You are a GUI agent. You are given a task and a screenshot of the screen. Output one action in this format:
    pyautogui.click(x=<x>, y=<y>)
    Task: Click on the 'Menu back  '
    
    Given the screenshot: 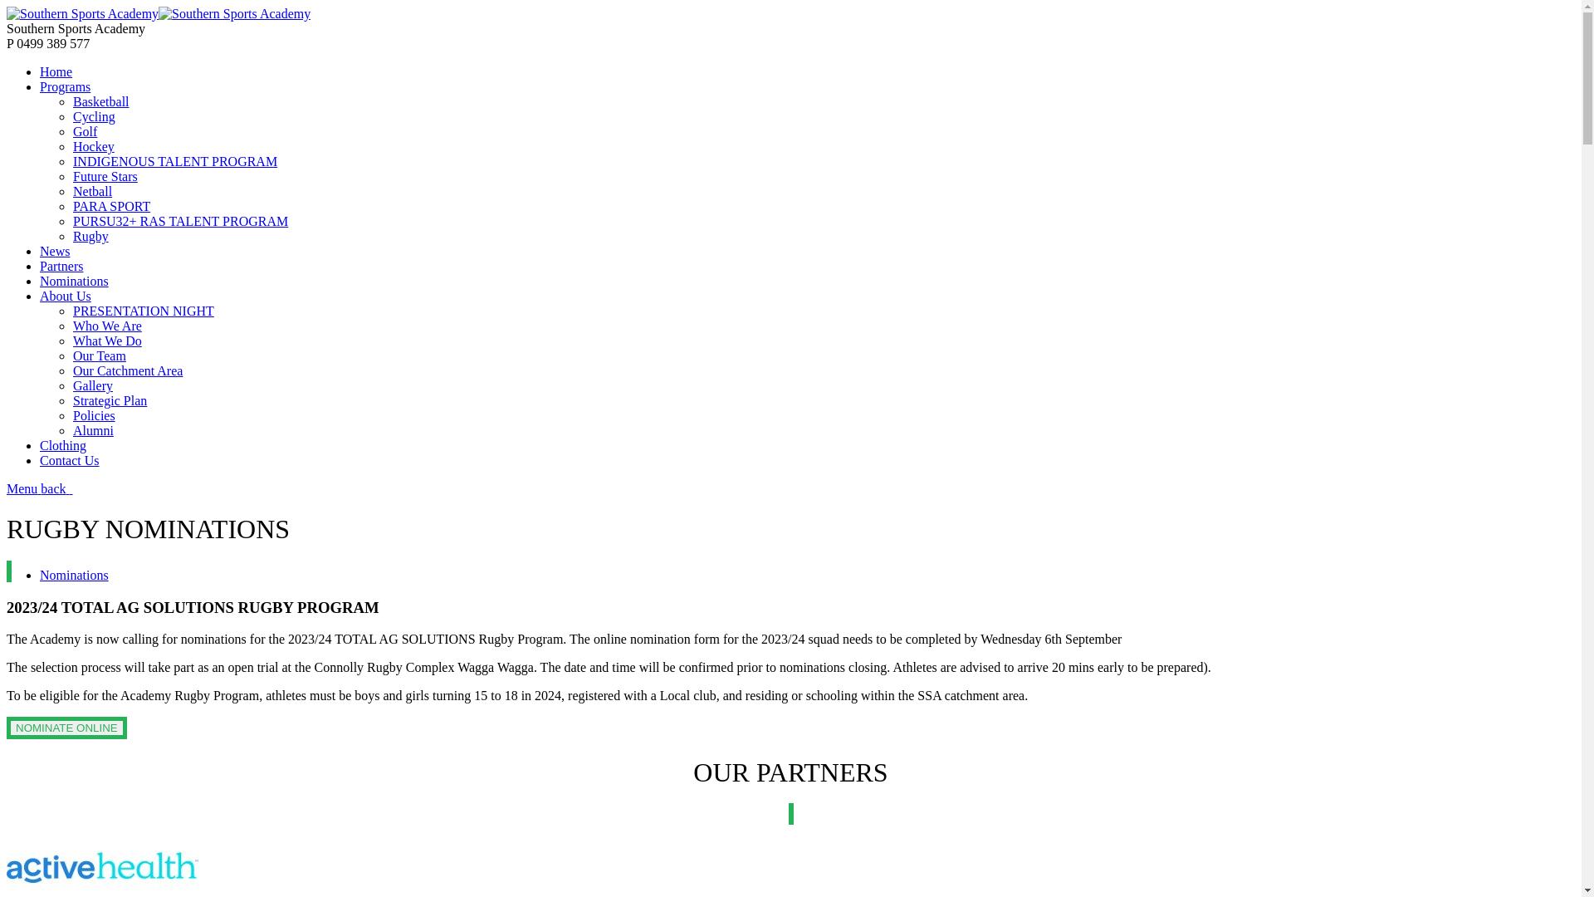 What is the action you would take?
    pyautogui.click(x=40, y=488)
    